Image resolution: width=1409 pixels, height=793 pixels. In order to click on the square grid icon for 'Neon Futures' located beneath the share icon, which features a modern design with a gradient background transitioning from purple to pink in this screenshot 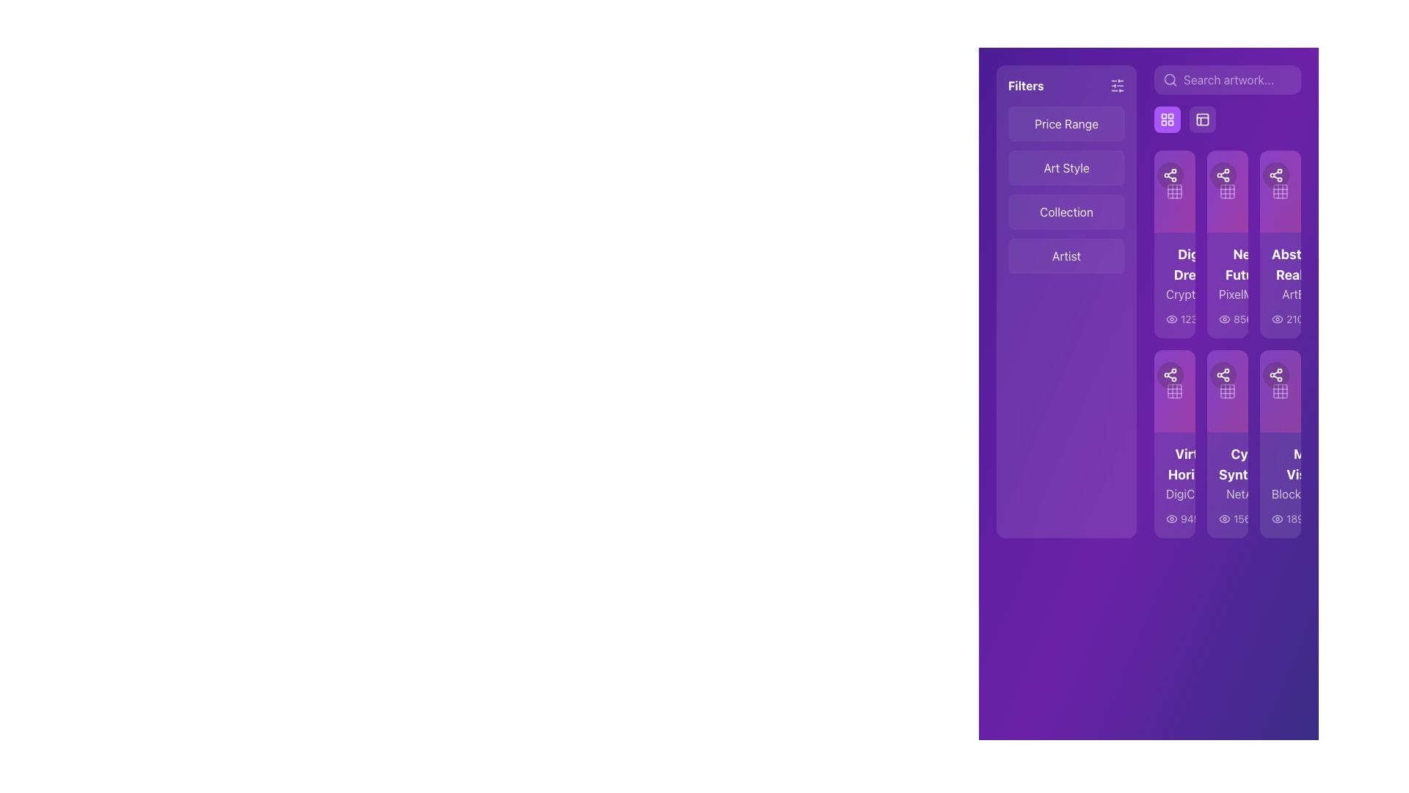, I will do `click(1228, 191)`.